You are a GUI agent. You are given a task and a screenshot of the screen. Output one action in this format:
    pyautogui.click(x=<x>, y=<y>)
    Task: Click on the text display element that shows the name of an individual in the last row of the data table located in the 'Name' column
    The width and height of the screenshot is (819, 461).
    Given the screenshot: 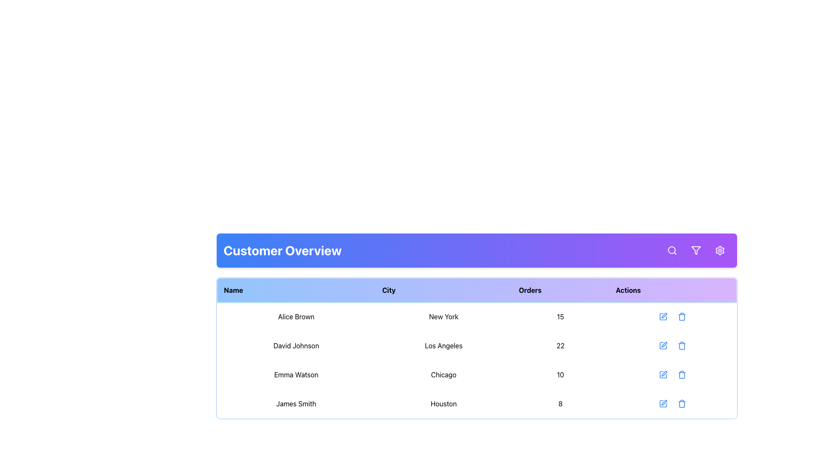 What is the action you would take?
    pyautogui.click(x=296, y=403)
    